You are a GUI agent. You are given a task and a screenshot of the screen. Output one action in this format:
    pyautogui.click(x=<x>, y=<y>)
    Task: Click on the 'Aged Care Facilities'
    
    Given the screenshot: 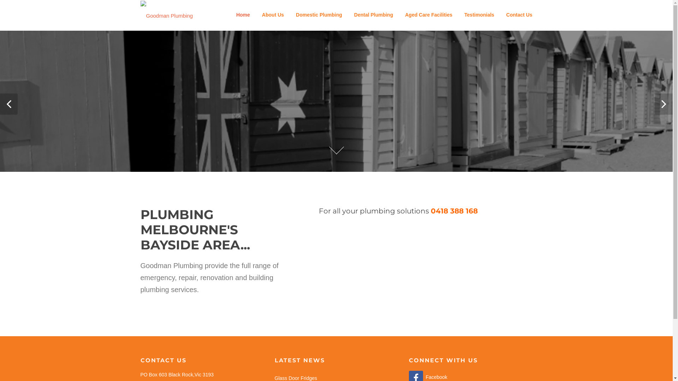 What is the action you would take?
    pyautogui.click(x=428, y=15)
    